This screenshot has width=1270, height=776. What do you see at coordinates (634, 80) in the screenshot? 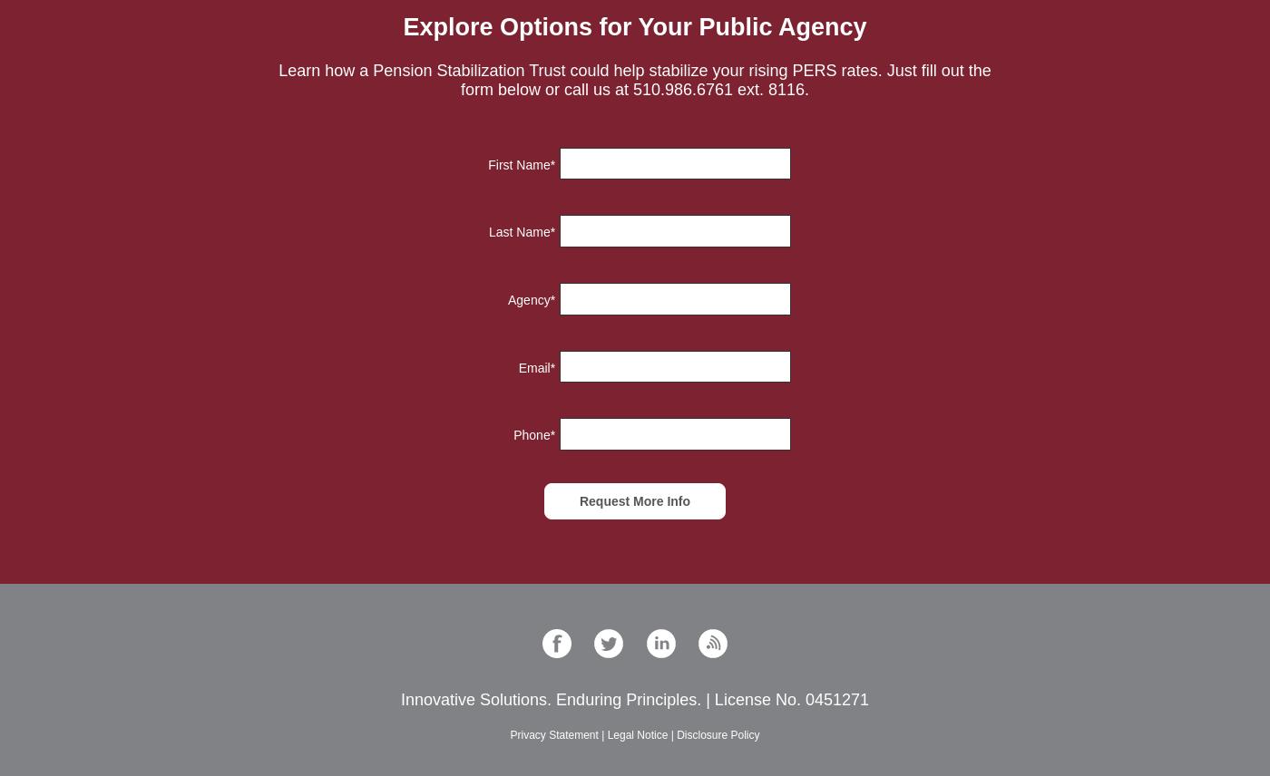
I see `'Learn how a Pension Stabilization Trust could help stabilize your rising PERS rates. Just fill out the form below or call us at 510.986.6761 ext. 8116.'` at bounding box center [634, 80].